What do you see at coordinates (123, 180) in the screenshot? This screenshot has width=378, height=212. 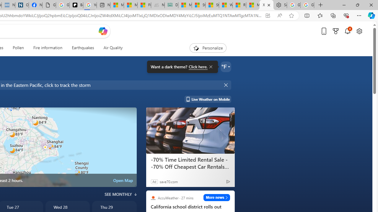 I see `'Open Map'` at bounding box center [123, 180].